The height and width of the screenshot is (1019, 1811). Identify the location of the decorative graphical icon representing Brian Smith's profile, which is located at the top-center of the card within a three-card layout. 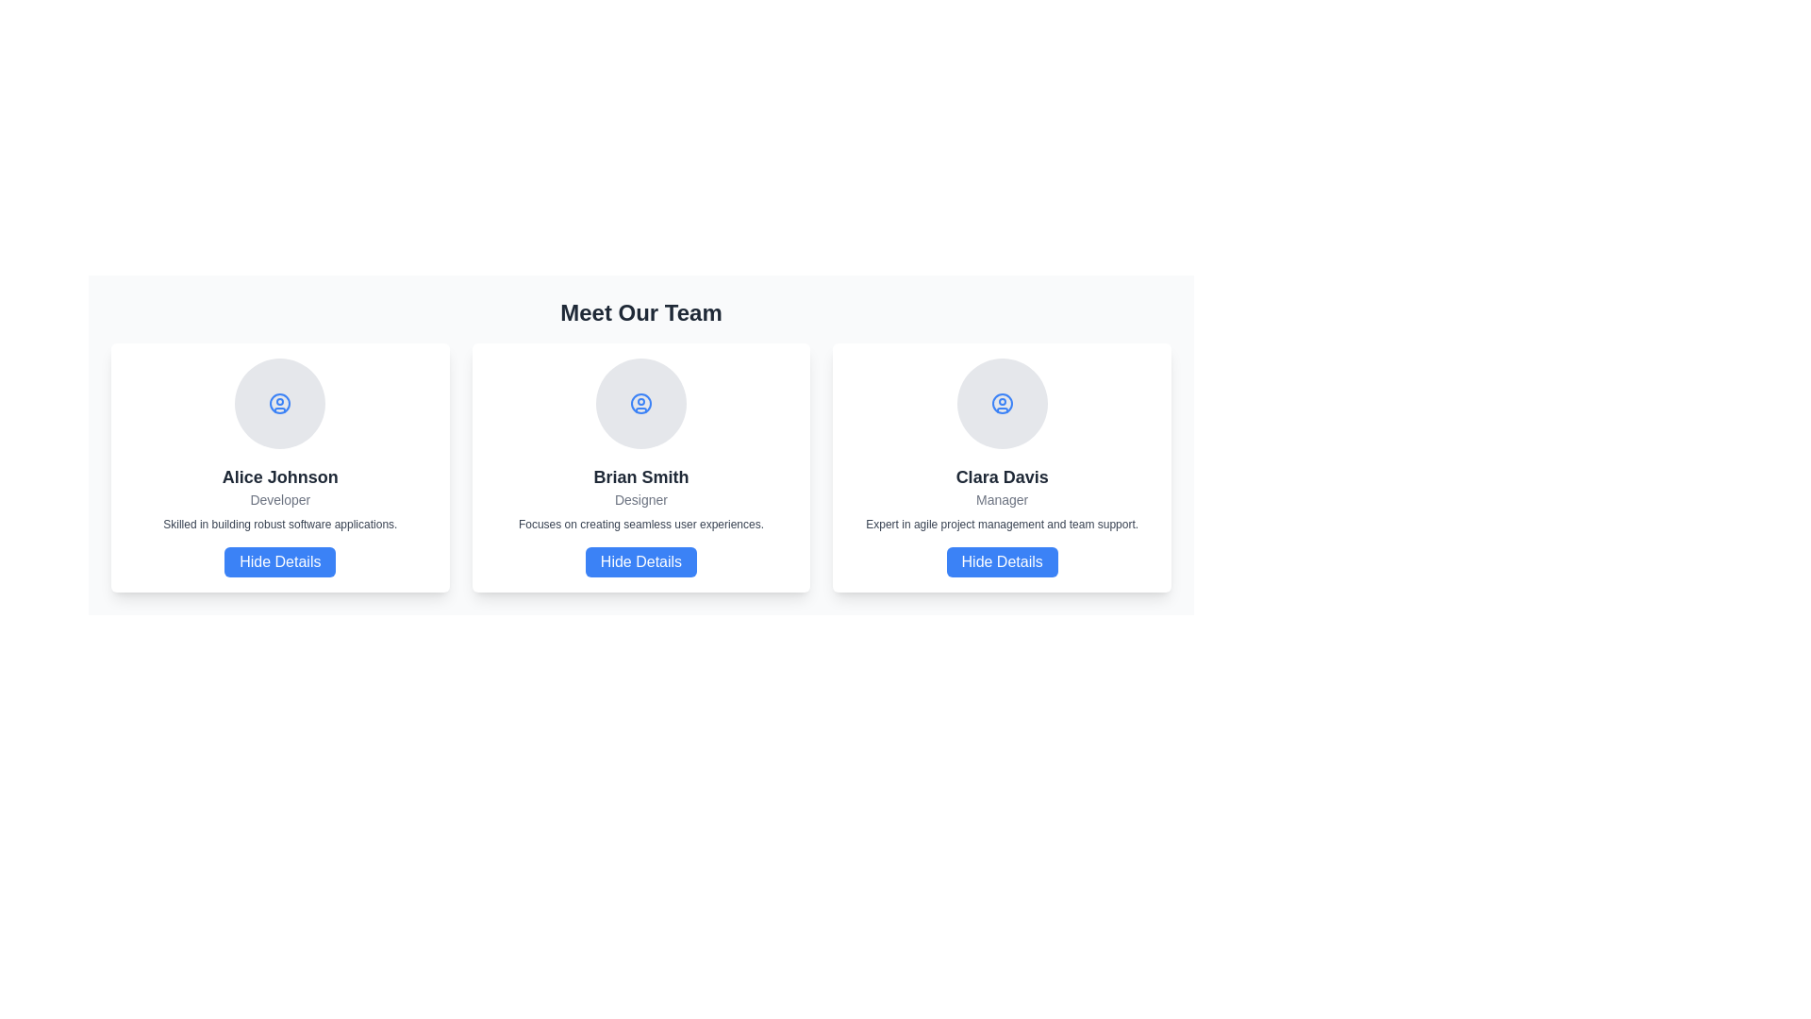
(641, 403).